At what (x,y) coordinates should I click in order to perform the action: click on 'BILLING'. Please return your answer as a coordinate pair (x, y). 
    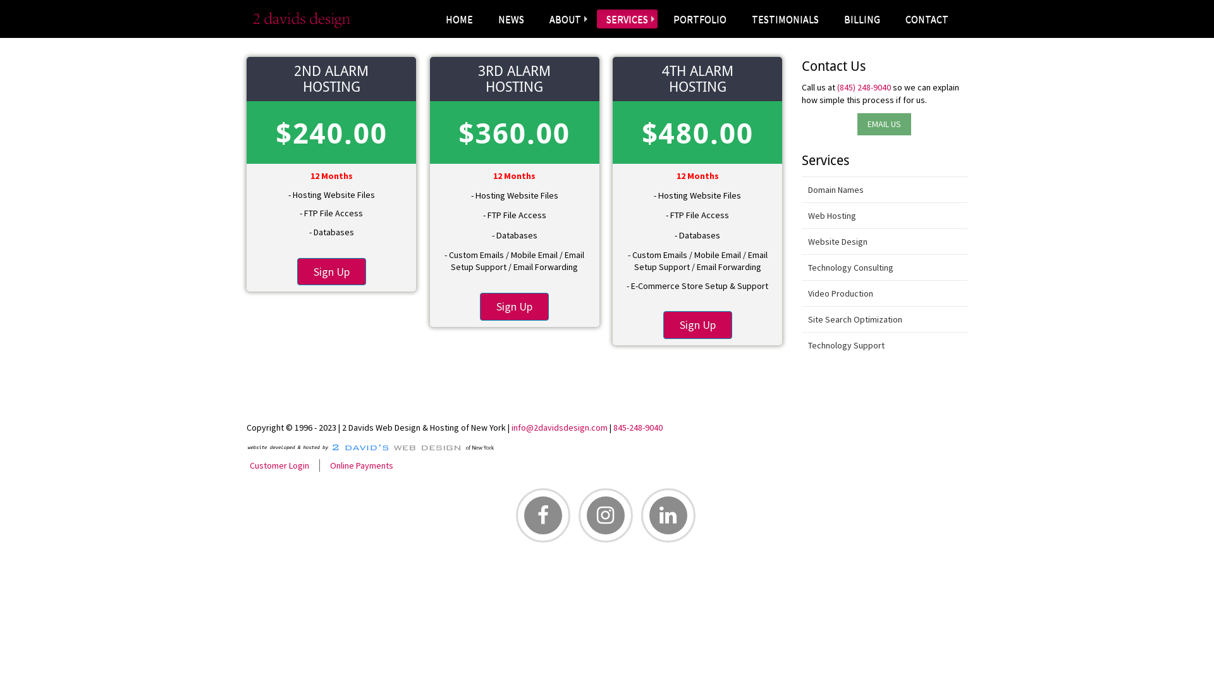
    Looking at the image, I should click on (861, 19).